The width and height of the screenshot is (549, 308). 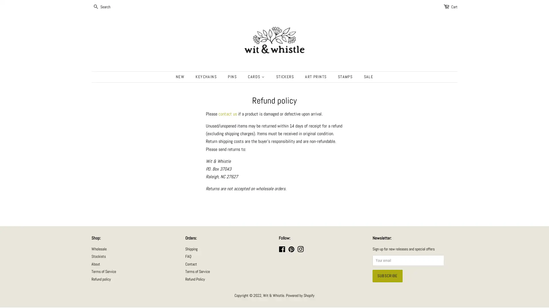 What do you see at coordinates (387, 275) in the screenshot?
I see `Subscribe` at bounding box center [387, 275].